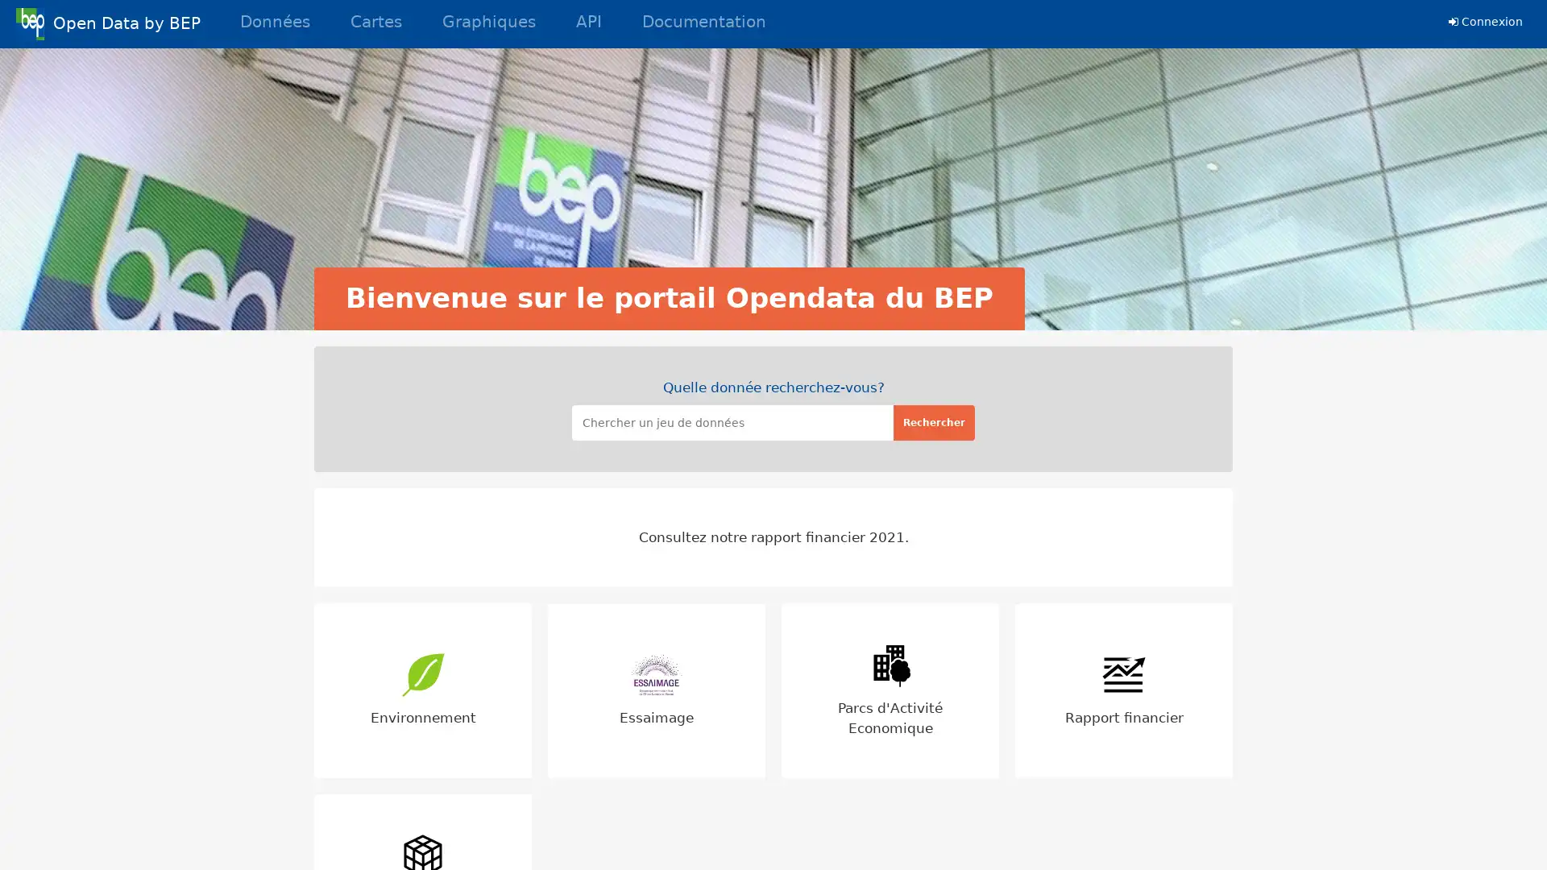  I want to click on Rechercher, so click(934, 421).